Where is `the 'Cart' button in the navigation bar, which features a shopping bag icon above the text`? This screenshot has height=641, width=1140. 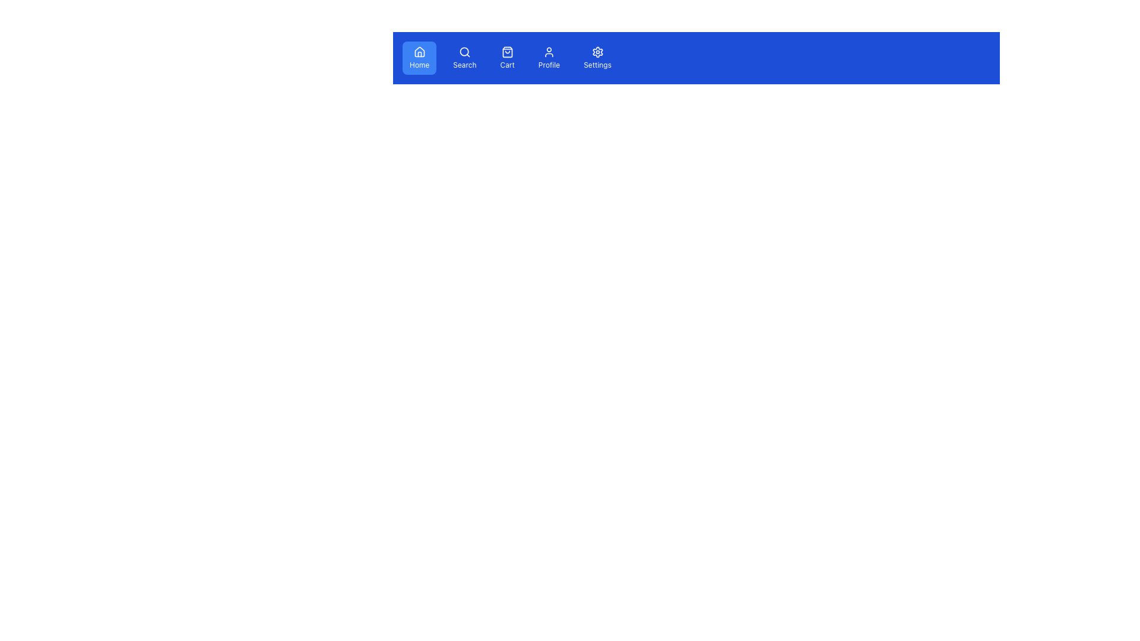
the 'Cart' button in the navigation bar, which features a shopping bag icon above the text is located at coordinates (507, 58).